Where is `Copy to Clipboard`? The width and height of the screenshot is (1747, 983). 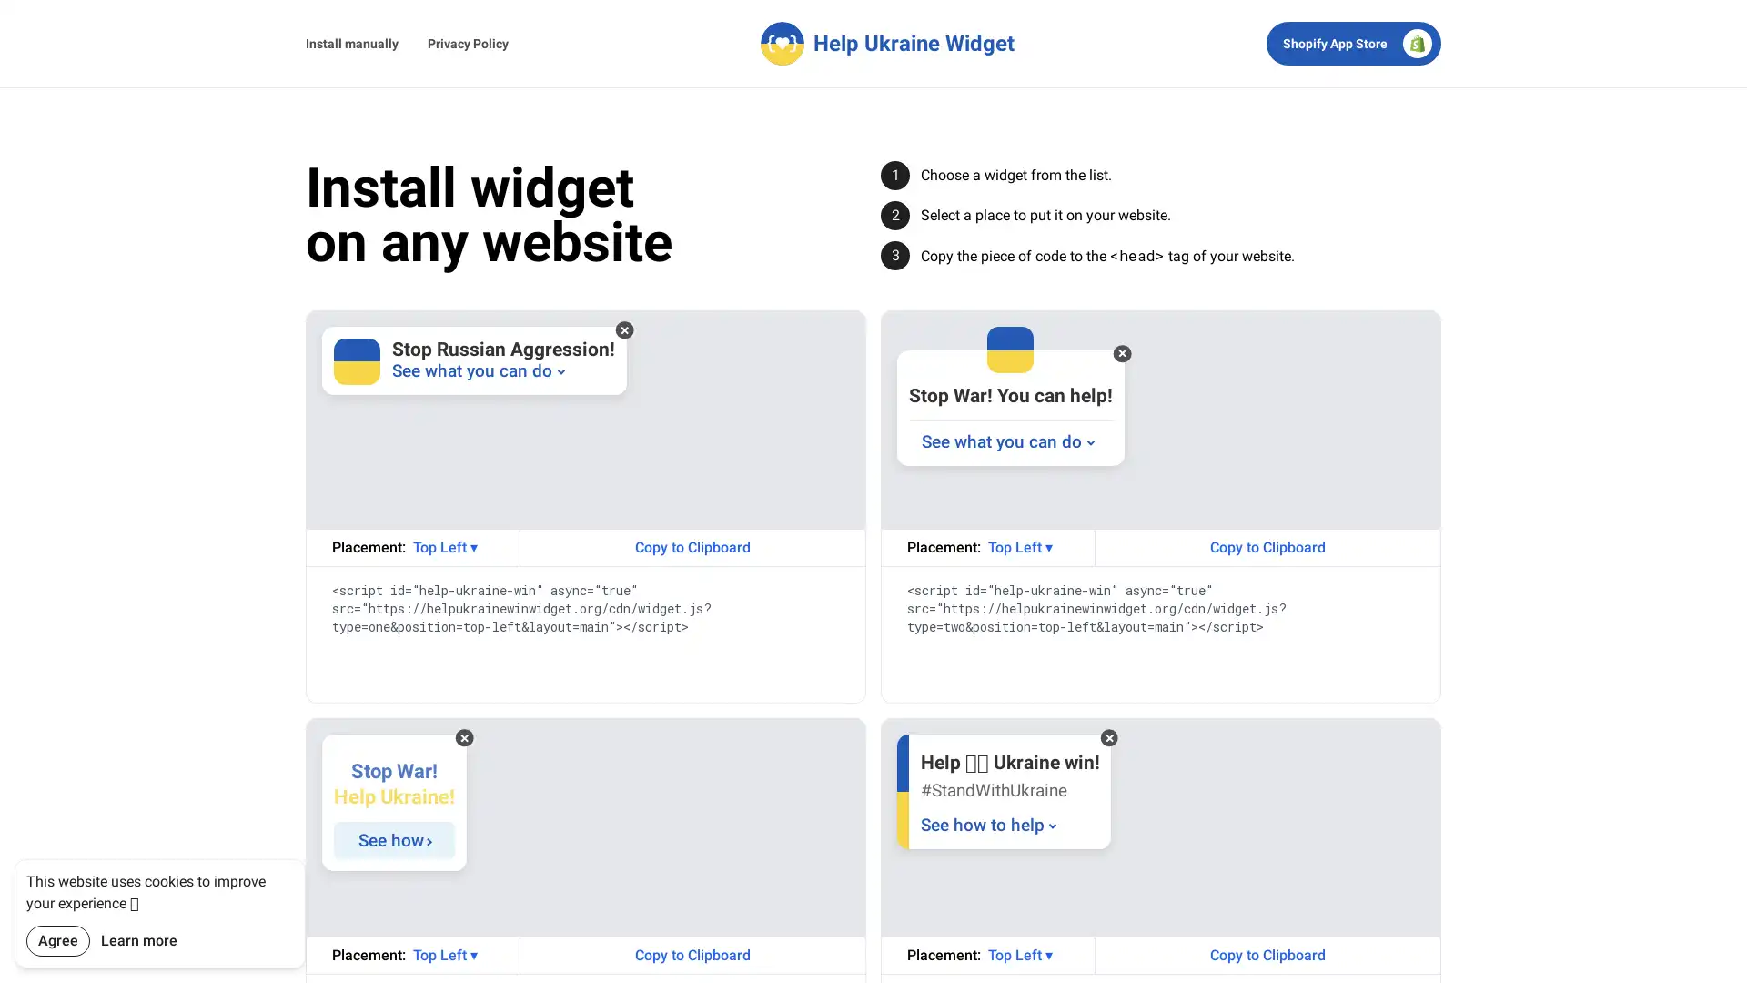
Copy to Clipboard is located at coordinates (1267, 954).